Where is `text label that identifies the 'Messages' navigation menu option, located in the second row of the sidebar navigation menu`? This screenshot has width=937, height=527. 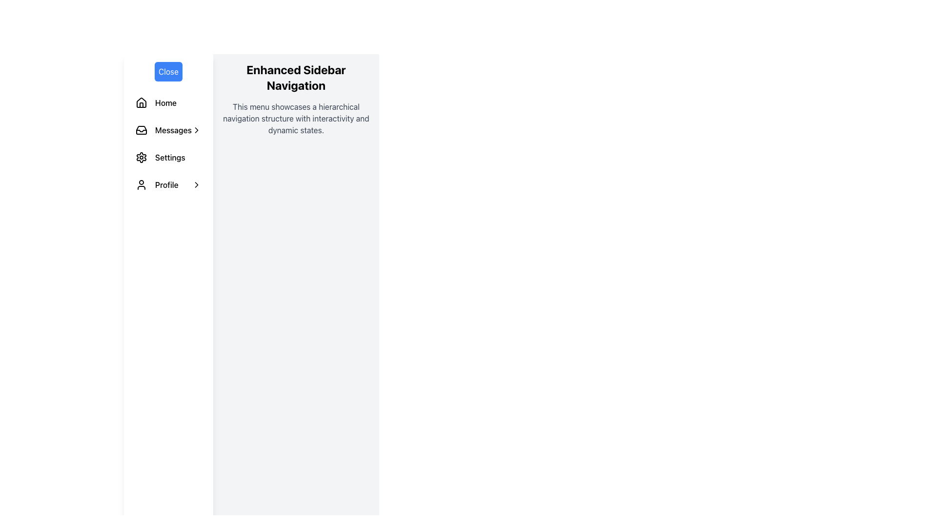
text label that identifies the 'Messages' navigation menu option, located in the second row of the sidebar navigation menu is located at coordinates (173, 129).